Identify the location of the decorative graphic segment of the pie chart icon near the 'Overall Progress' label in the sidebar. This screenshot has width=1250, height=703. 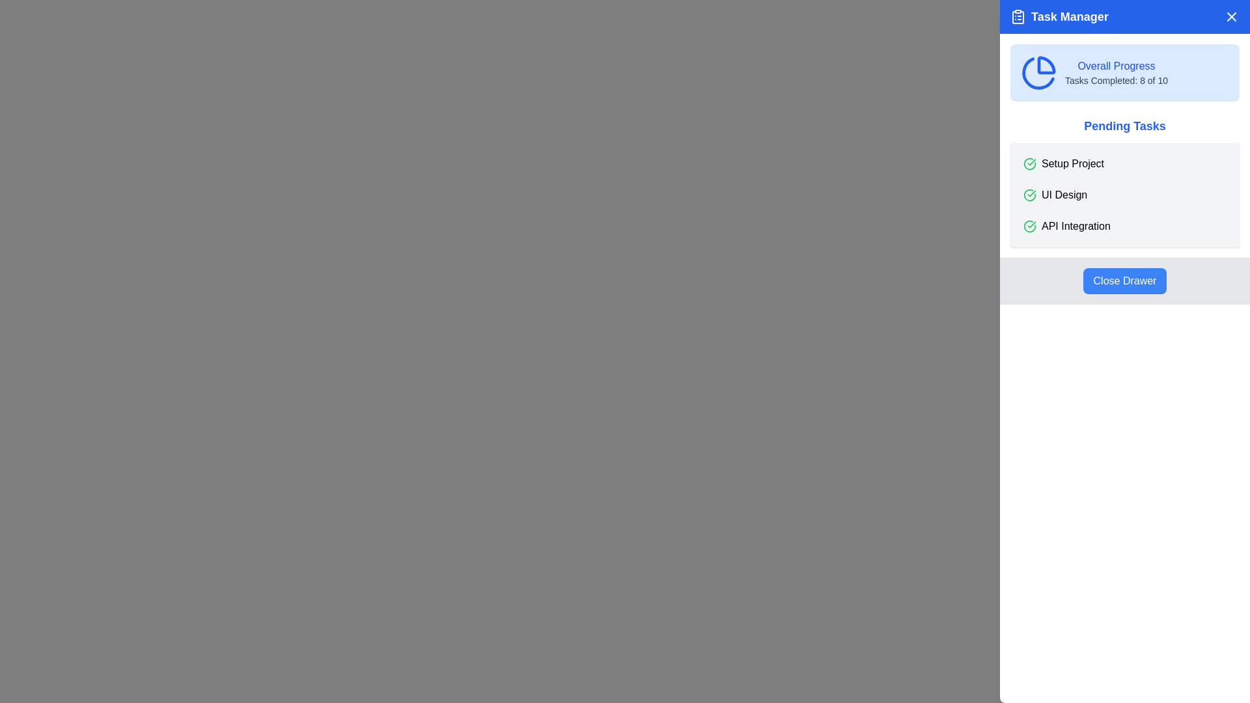
(1038, 73).